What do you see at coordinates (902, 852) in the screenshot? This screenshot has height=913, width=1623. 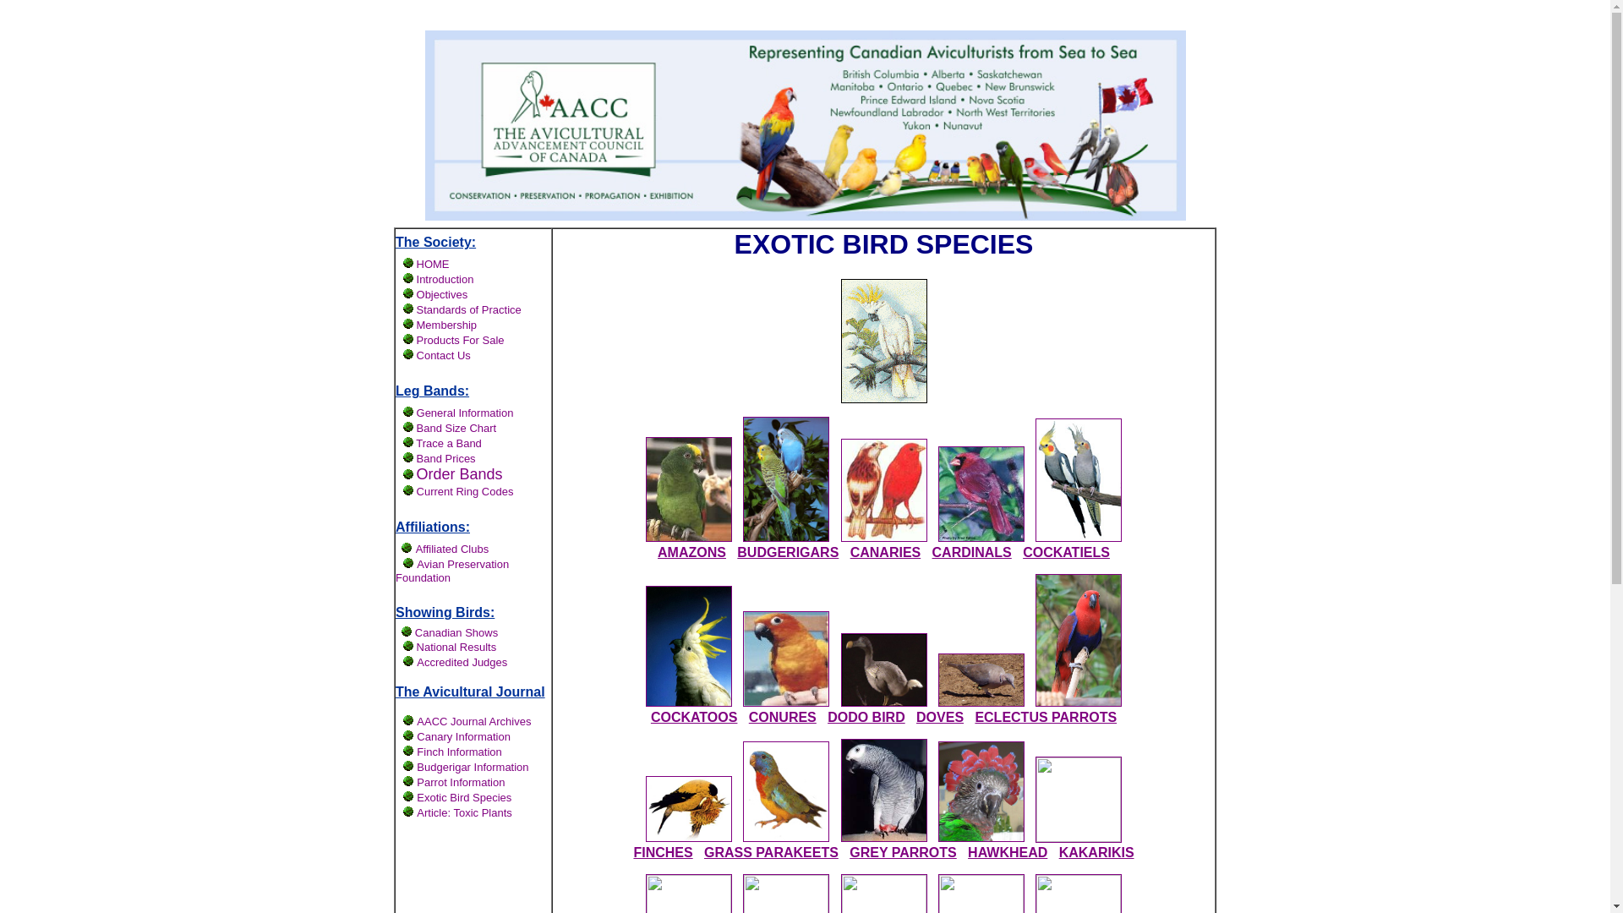 I see `'GREY PARROTS'` at bounding box center [902, 852].